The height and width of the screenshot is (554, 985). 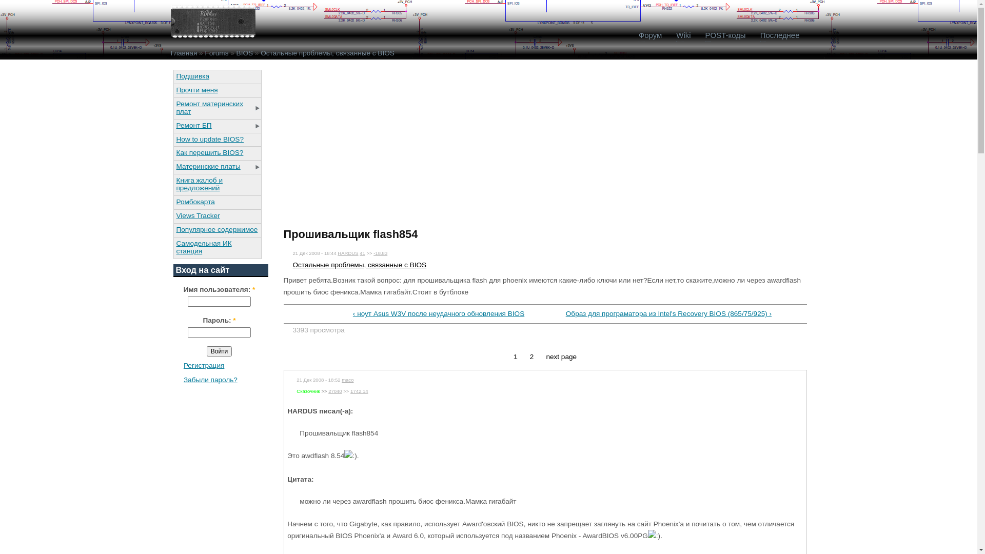 What do you see at coordinates (369, 142) in the screenshot?
I see `'Advertisement'` at bounding box center [369, 142].